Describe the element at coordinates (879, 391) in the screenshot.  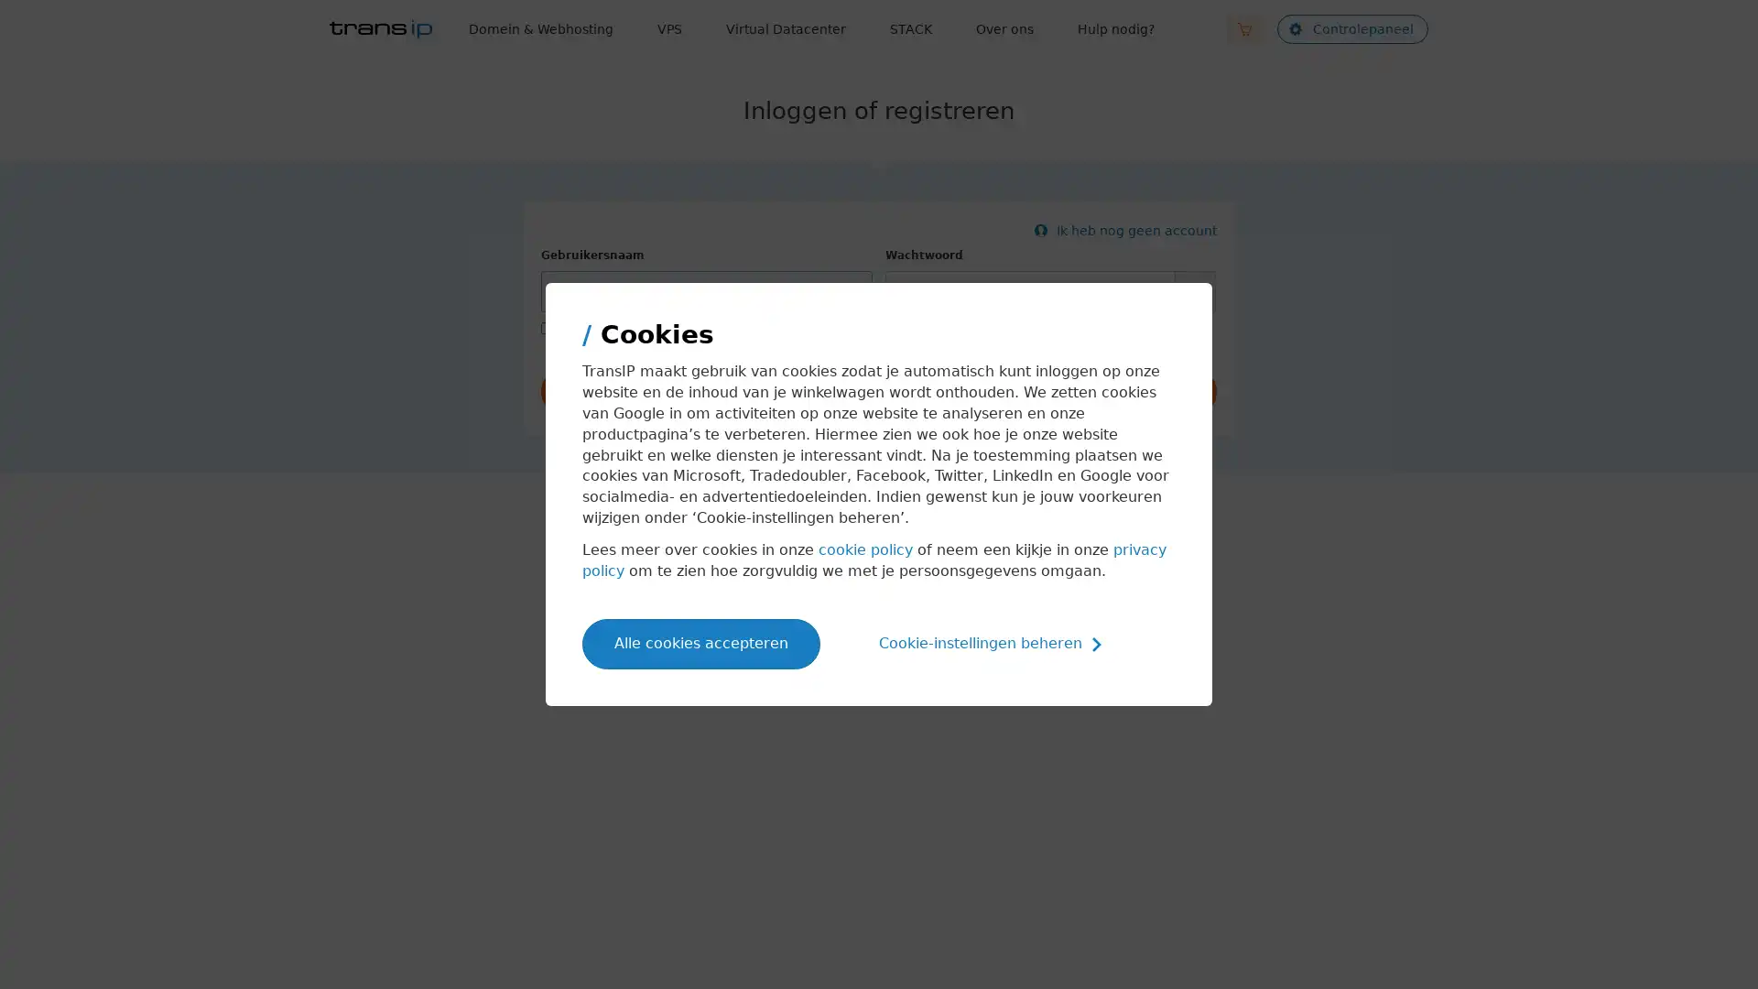
I see `Inloggen` at that location.